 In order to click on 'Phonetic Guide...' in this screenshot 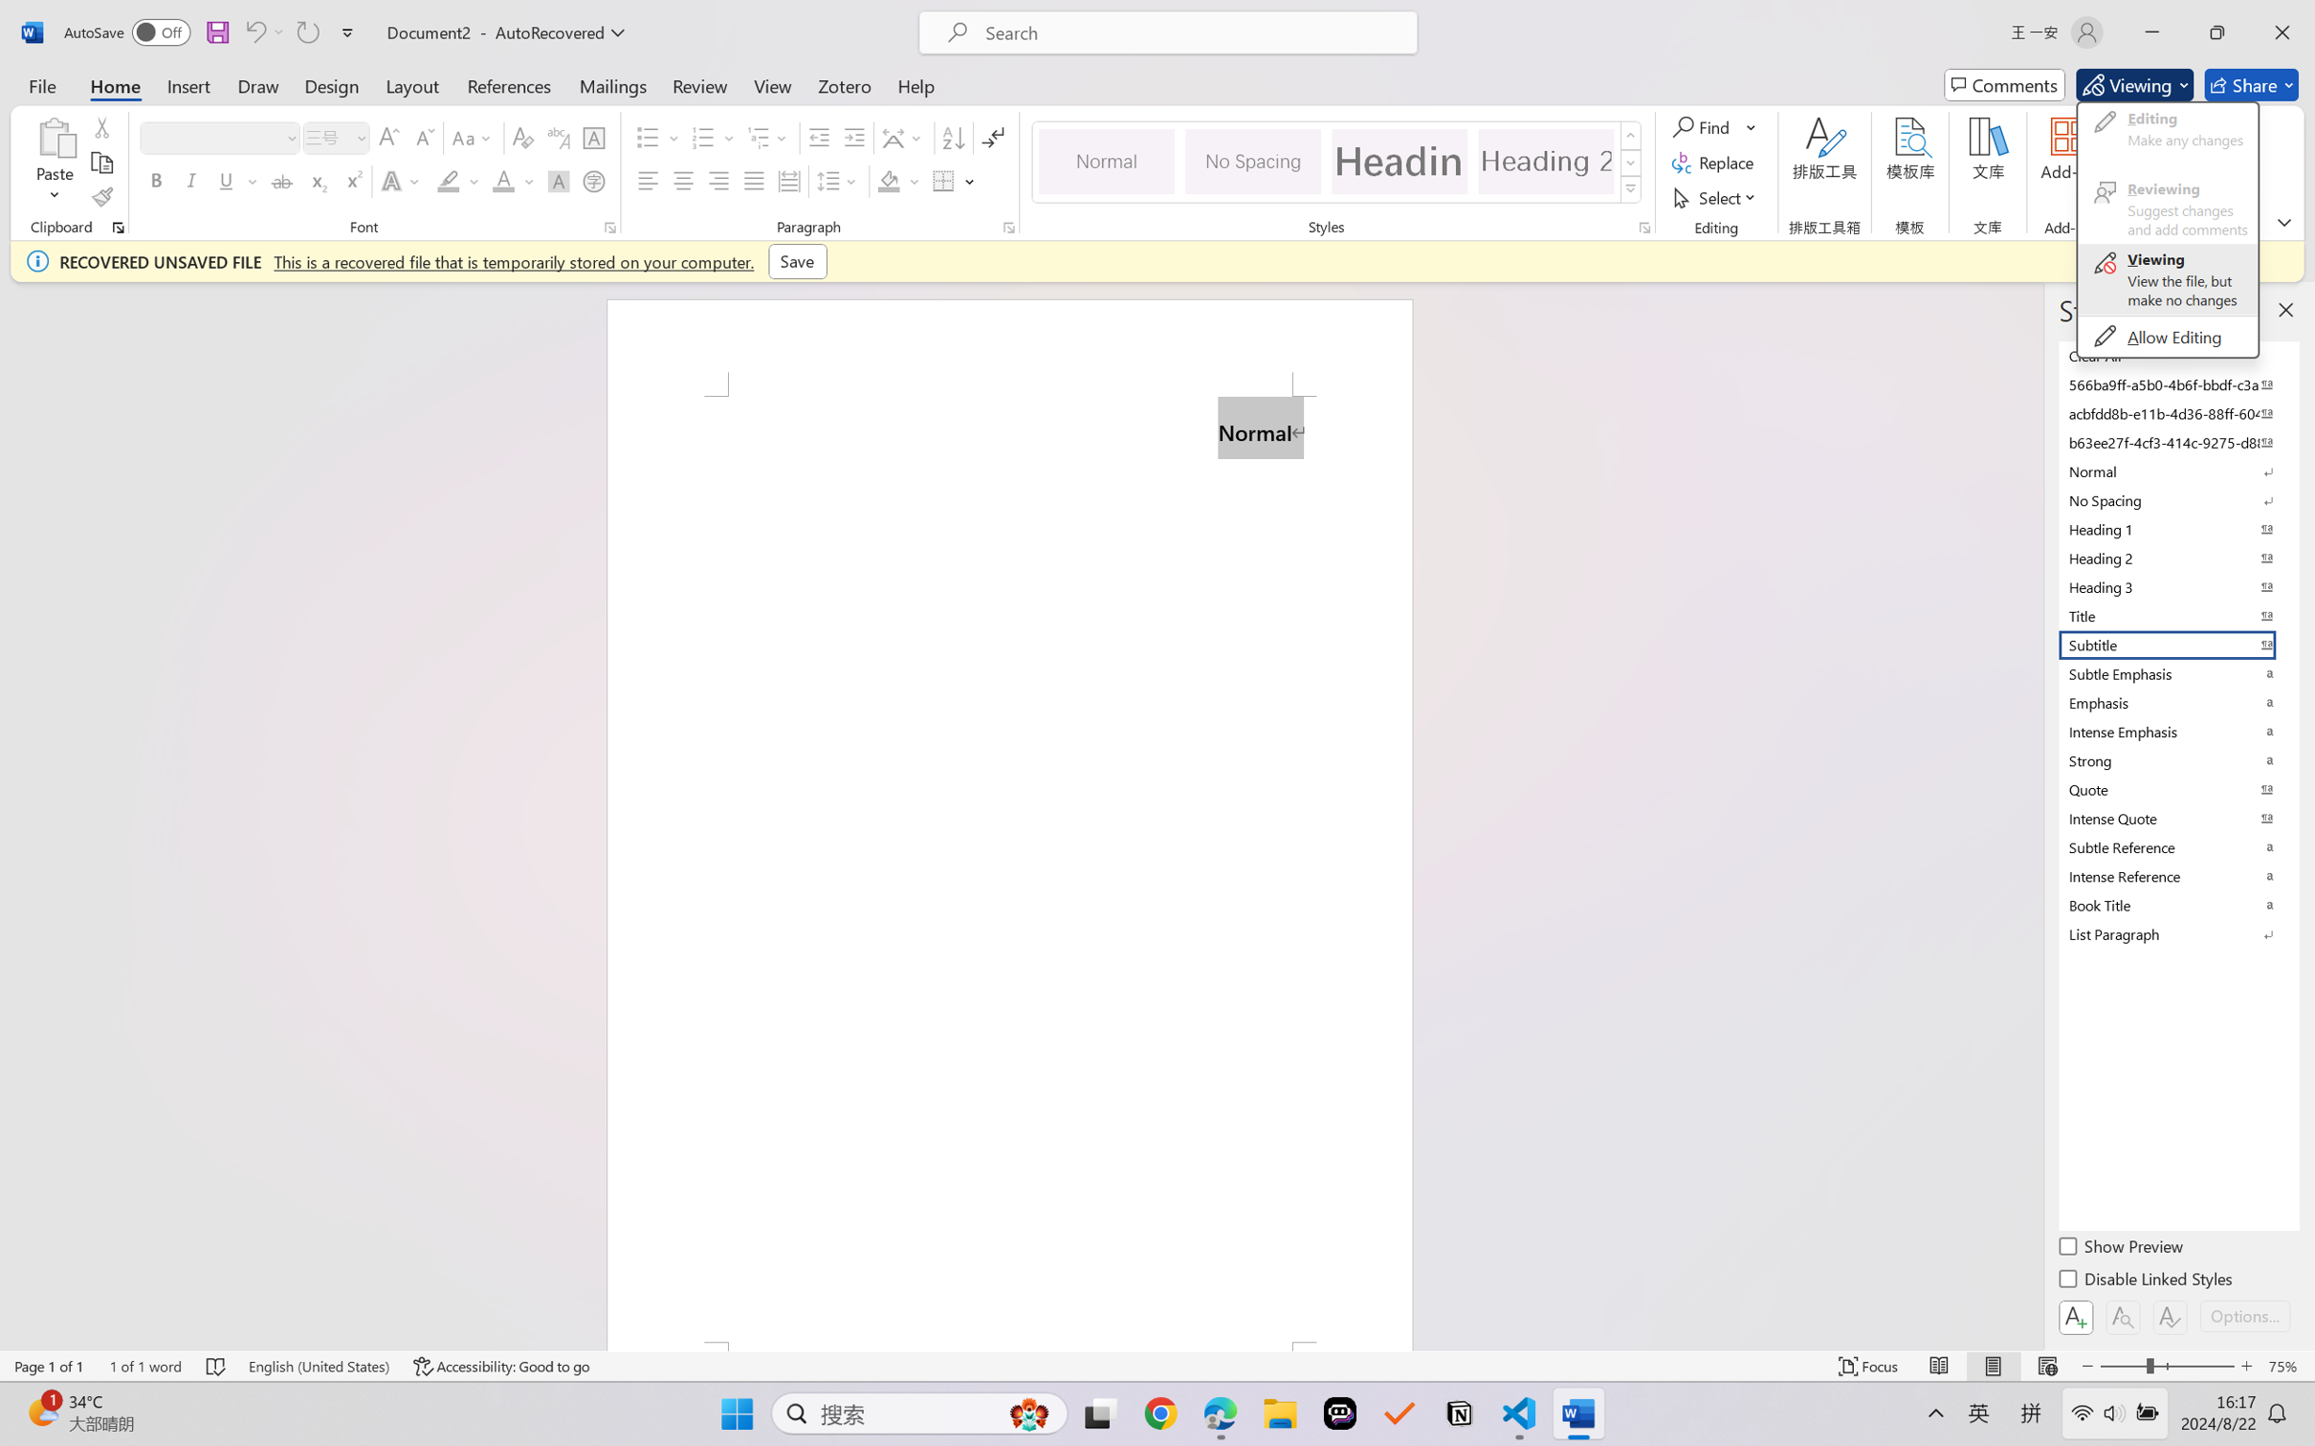, I will do `click(556, 138)`.